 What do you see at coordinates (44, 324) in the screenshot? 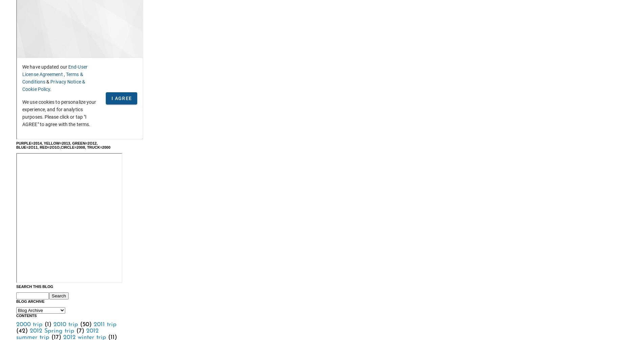
I see `'(1)'` at bounding box center [44, 324].